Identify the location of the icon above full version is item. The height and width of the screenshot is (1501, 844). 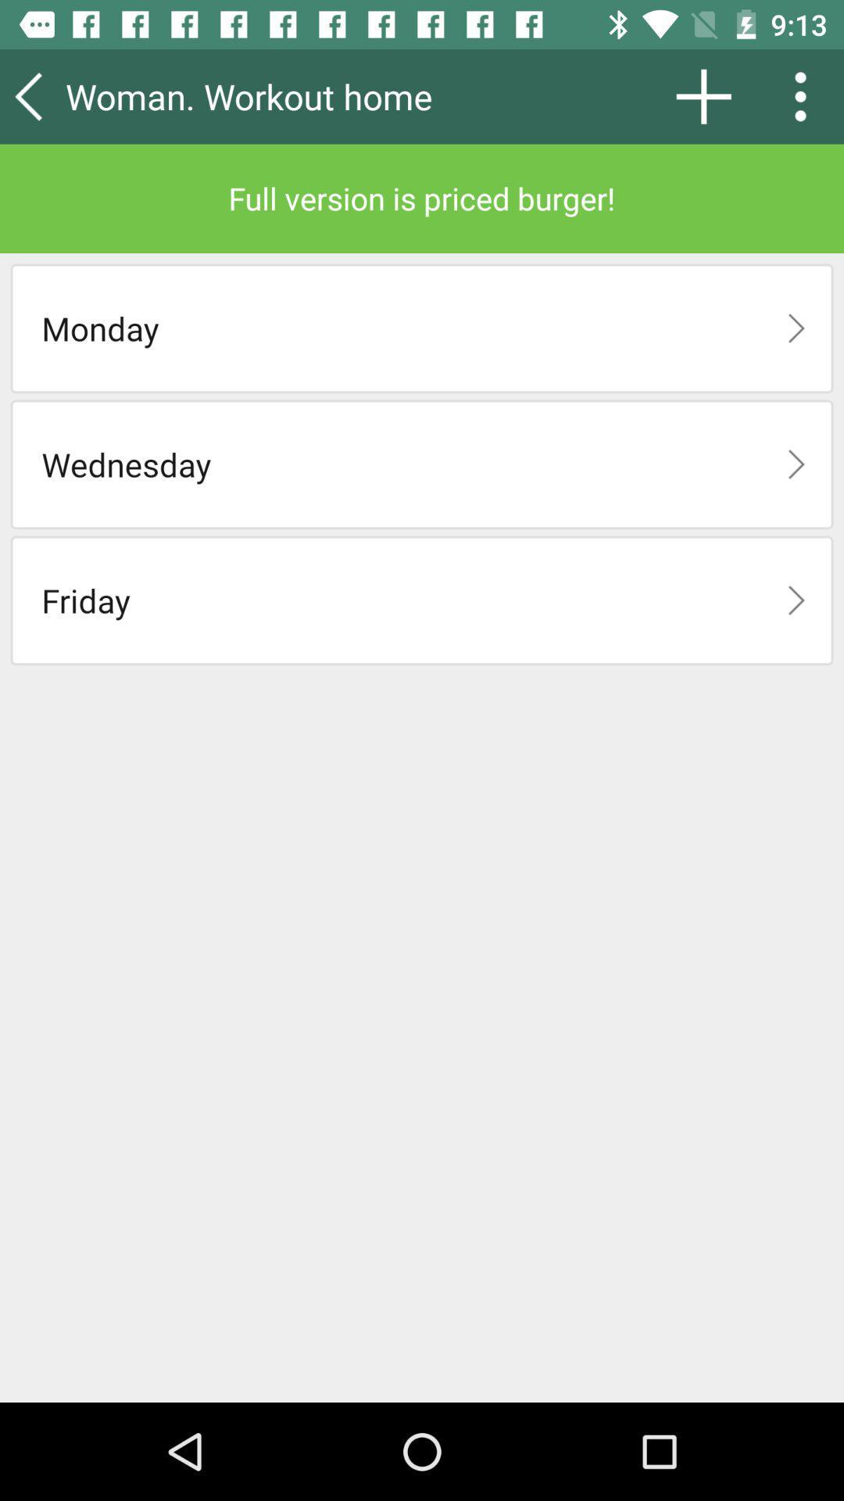
(703, 95).